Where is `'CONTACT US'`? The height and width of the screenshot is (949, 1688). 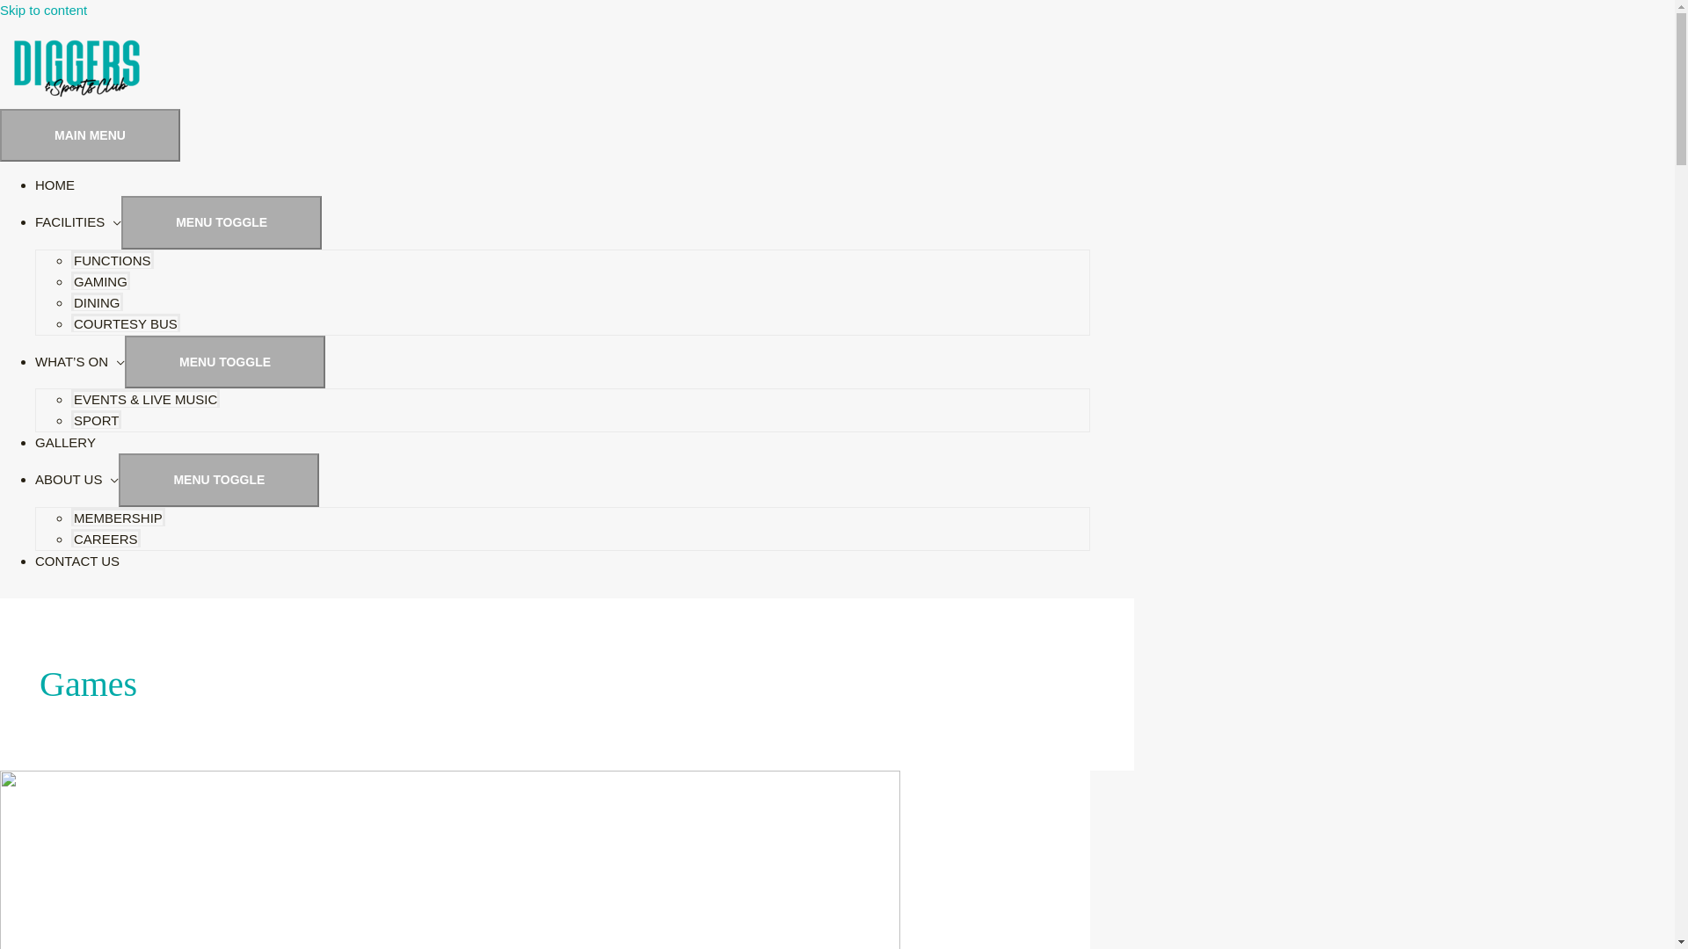
'CONTACT US' is located at coordinates (76, 561).